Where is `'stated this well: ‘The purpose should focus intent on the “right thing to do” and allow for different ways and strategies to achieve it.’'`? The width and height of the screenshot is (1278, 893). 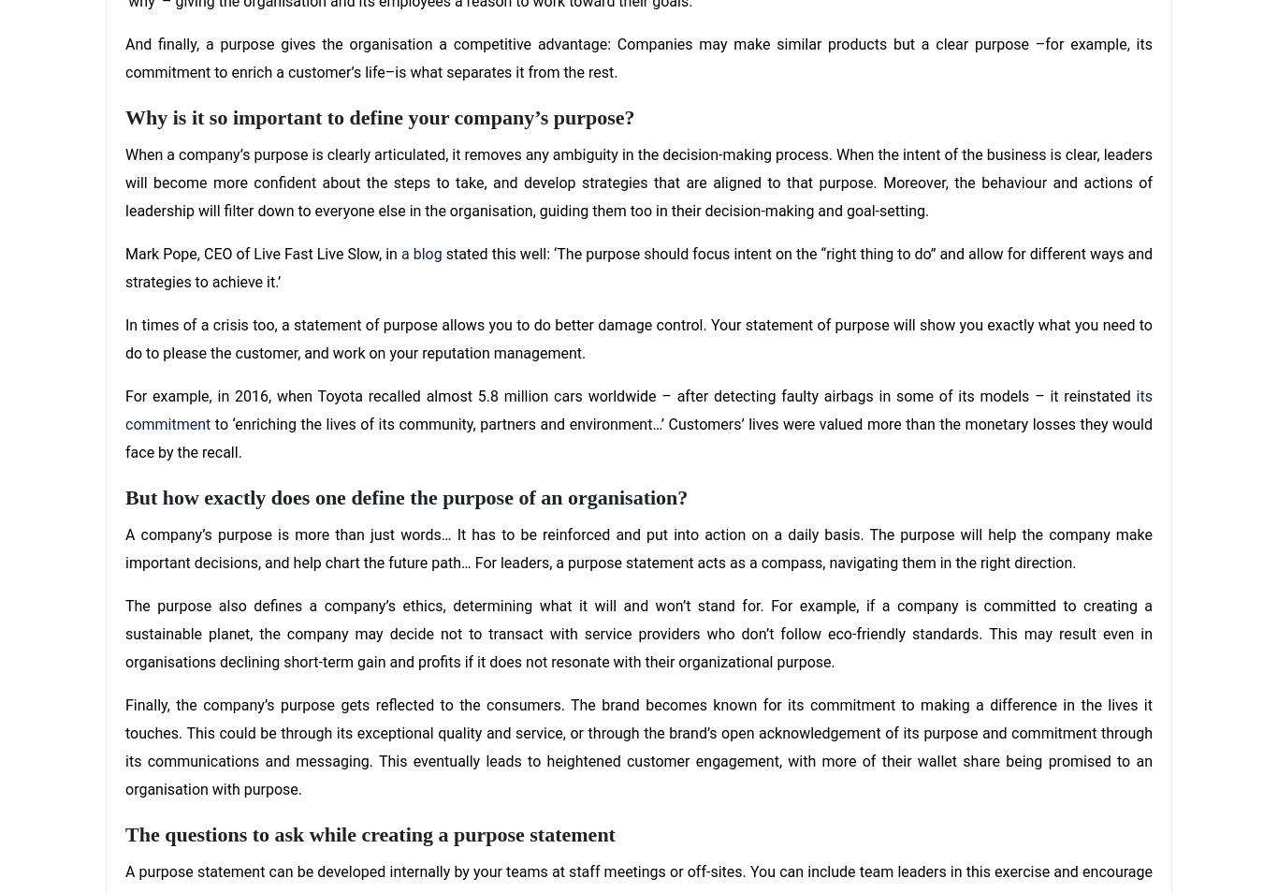
'stated this well: ‘The purpose should focus intent on the “right thing to do” and allow for different ways and strategies to achieve it.’' is located at coordinates (639, 267).